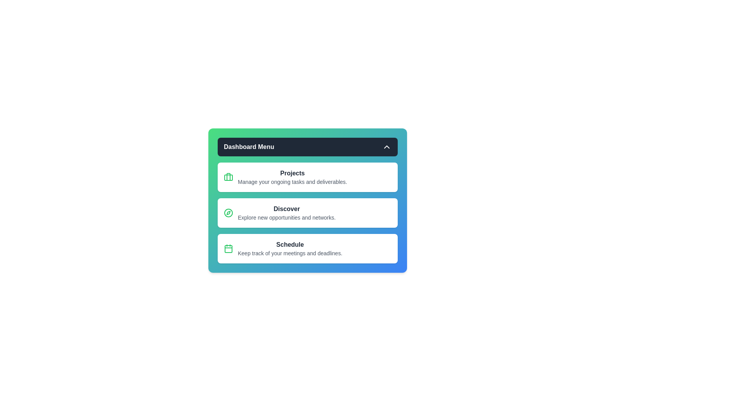  I want to click on the 'Dashboard Menu' button to toggle the menu visibility, so click(307, 147).